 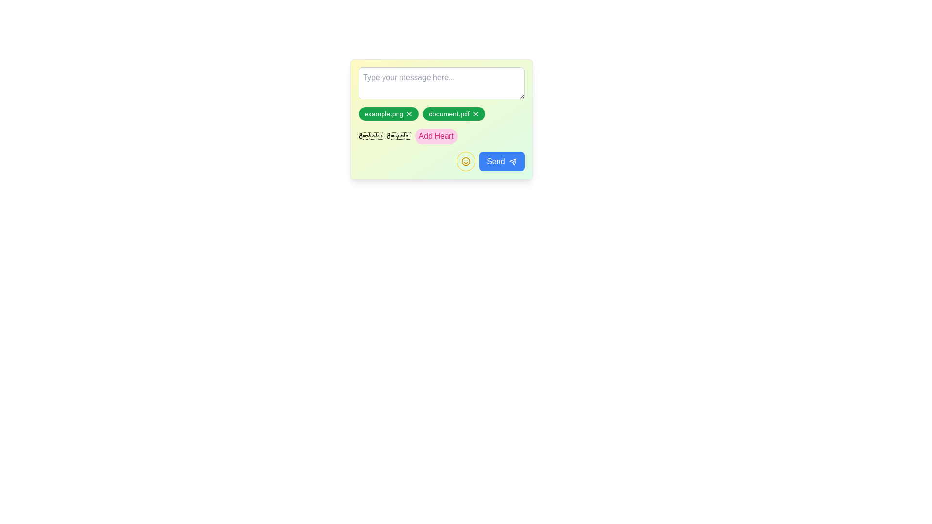 I want to click on the small cross mark ('X') icon located to the right of the green tag labeled 'document.pdf', so click(x=475, y=114).